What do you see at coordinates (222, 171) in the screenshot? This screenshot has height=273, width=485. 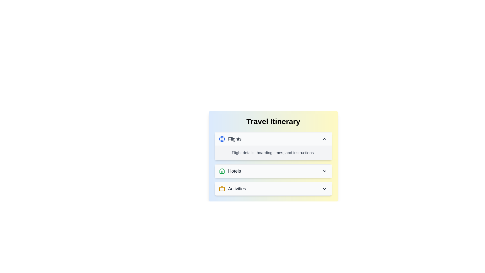 I see `the Hotels category icon, which is a decorative symbol represented by a stylized house outline located in the central section of the Travel Itinerary card interface` at bounding box center [222, 171].